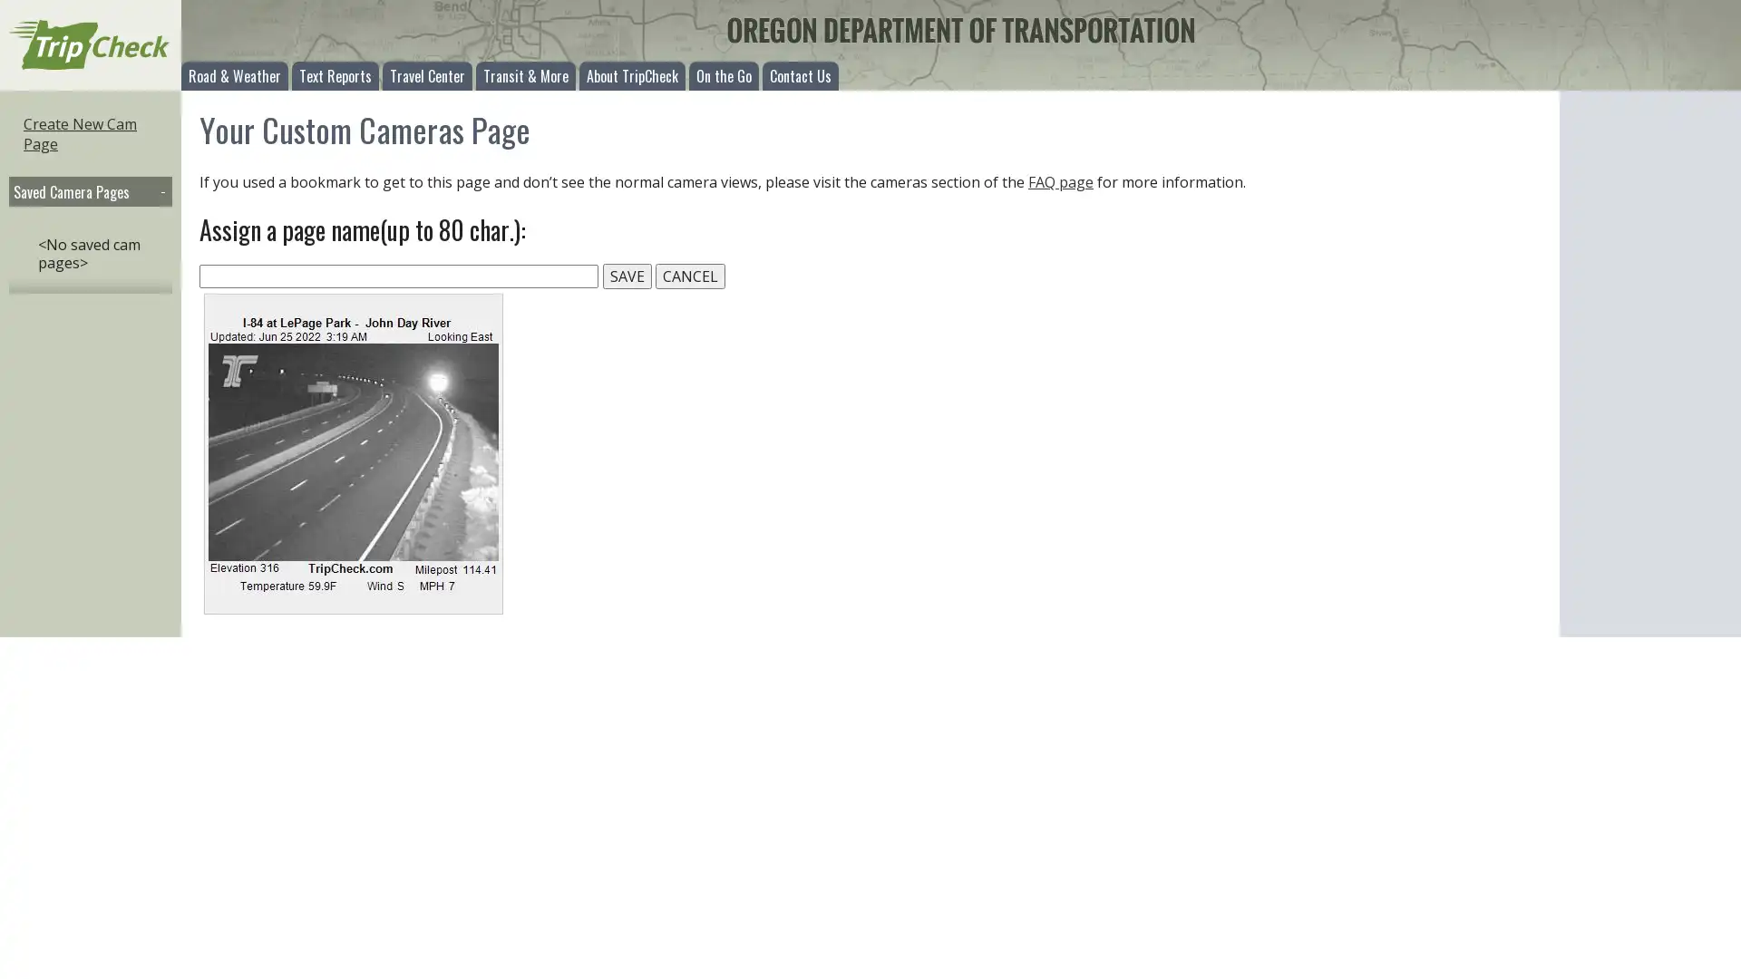  I want to click on CANCEL, so click(689, 276).